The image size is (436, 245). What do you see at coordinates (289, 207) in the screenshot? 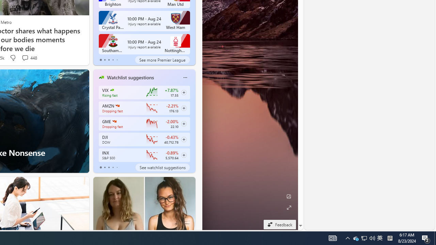
I see `'Expand background'` at bounding box center [289, 207].